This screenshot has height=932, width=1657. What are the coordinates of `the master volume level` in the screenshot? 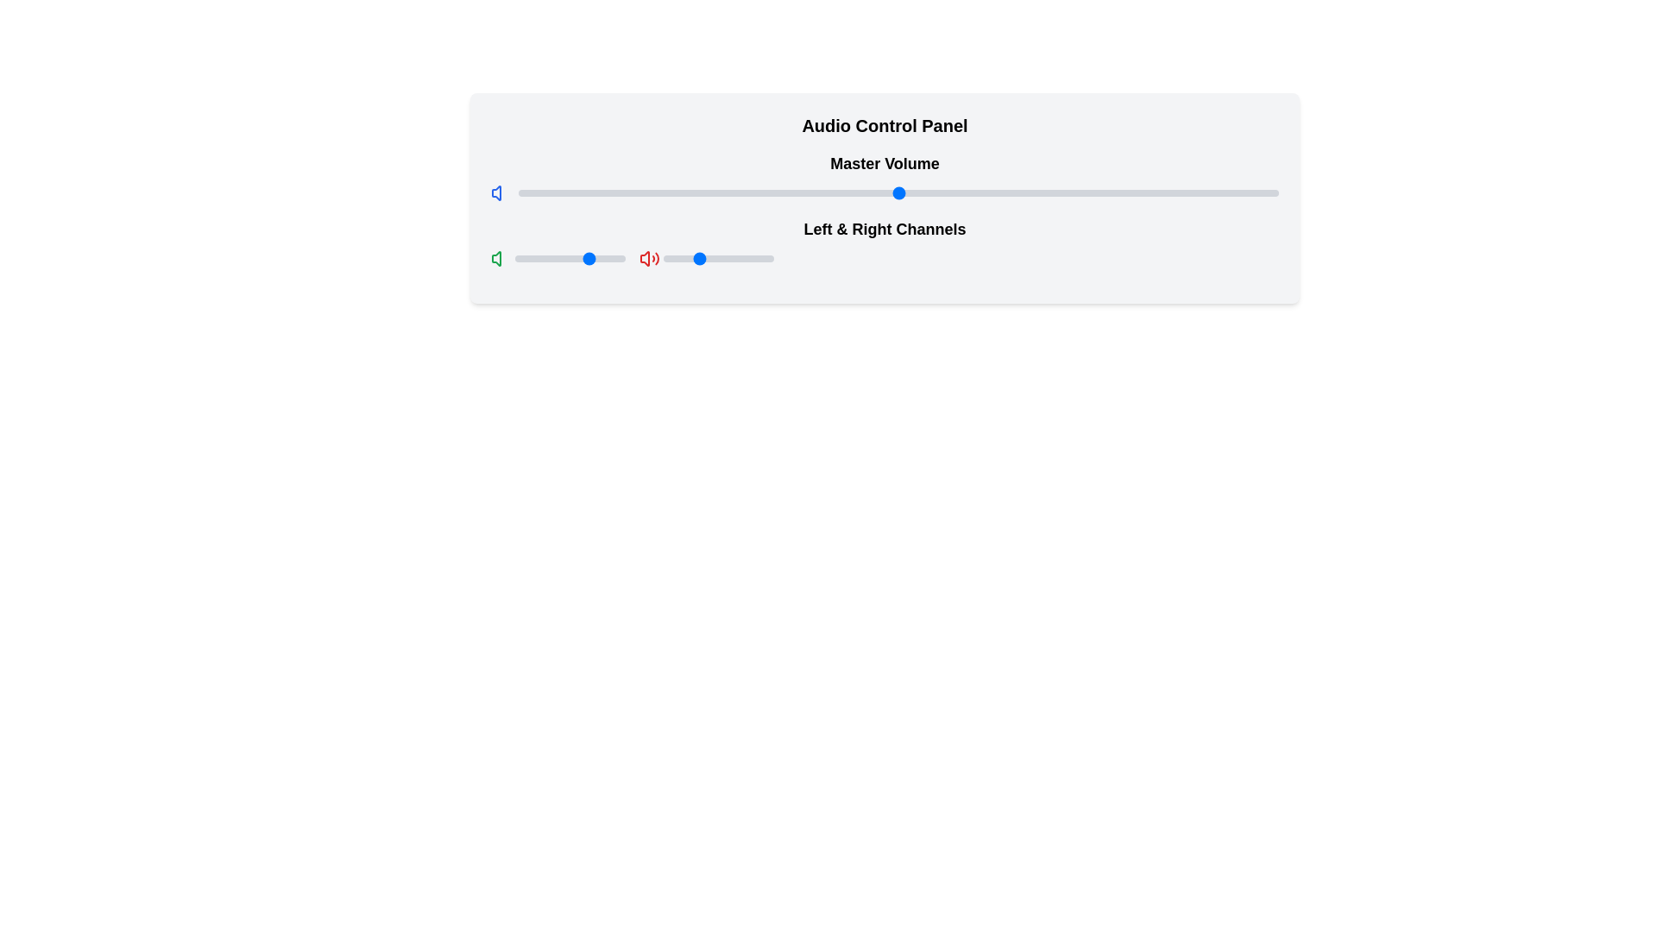 It's located at (701, 192).